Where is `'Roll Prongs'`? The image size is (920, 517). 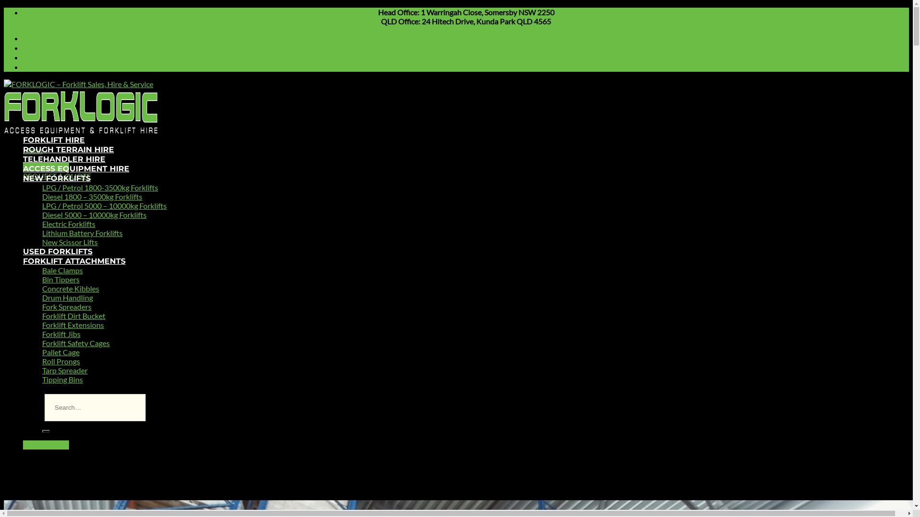
'Roll Prongs' is located at coordinates (60, 361).